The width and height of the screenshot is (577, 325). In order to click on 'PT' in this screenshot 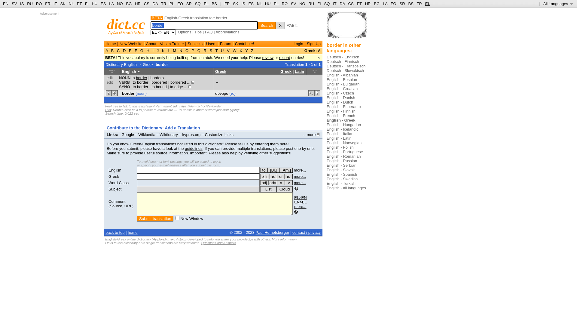, I will do `click(79, 4)`.